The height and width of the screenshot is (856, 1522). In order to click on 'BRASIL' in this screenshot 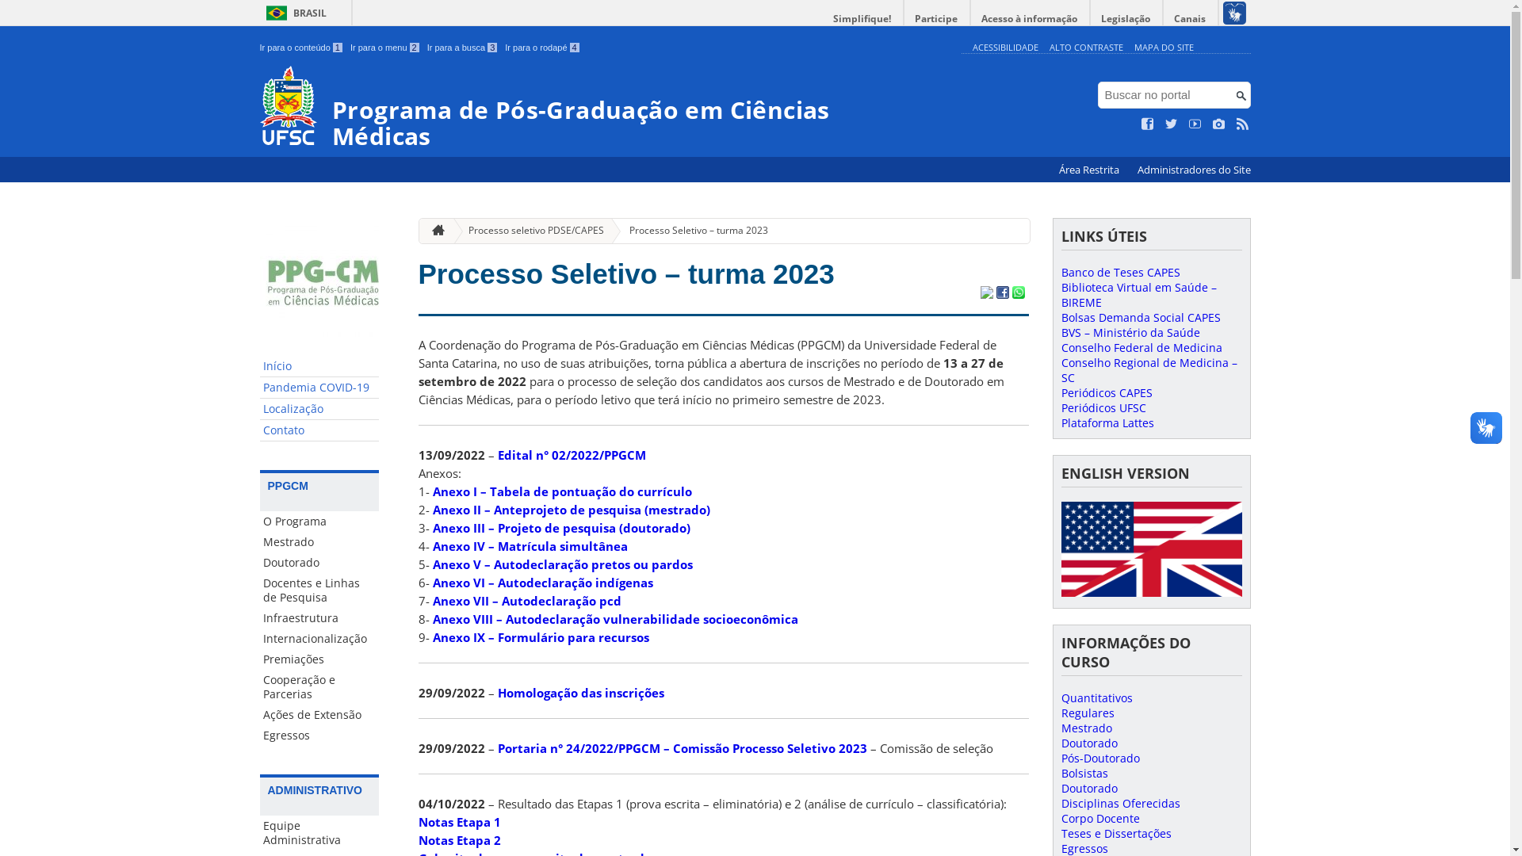, I will do `click(293, 13)`.